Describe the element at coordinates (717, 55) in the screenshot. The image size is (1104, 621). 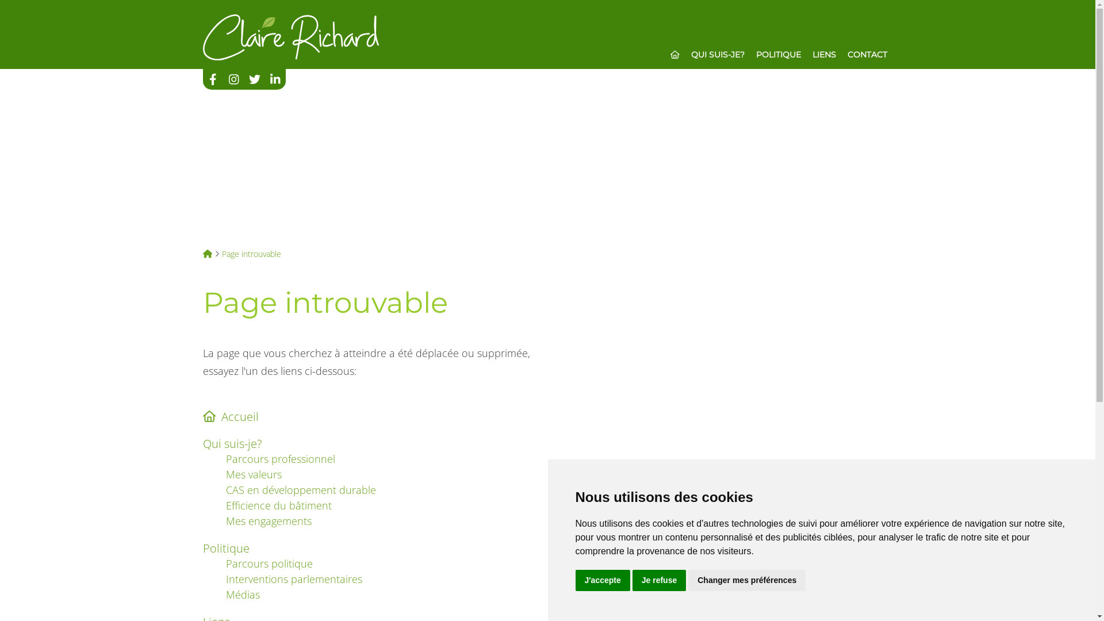
I see `'QUI SUIS-JE?'` at that location.